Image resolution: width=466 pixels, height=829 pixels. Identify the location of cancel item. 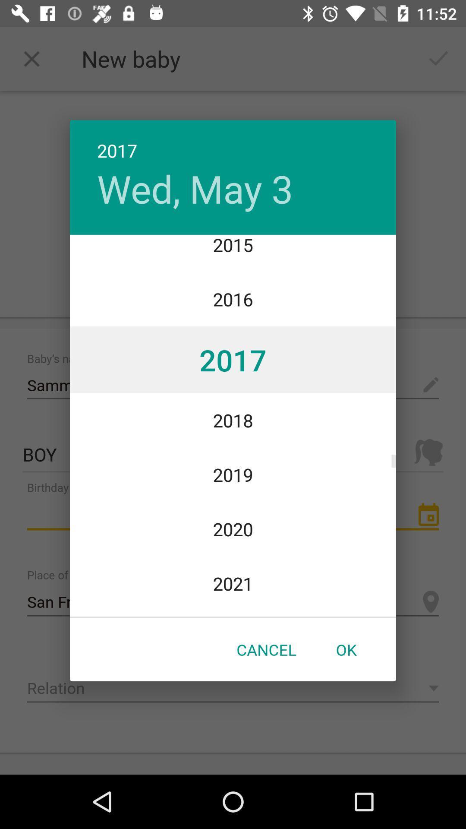
(266, 649).